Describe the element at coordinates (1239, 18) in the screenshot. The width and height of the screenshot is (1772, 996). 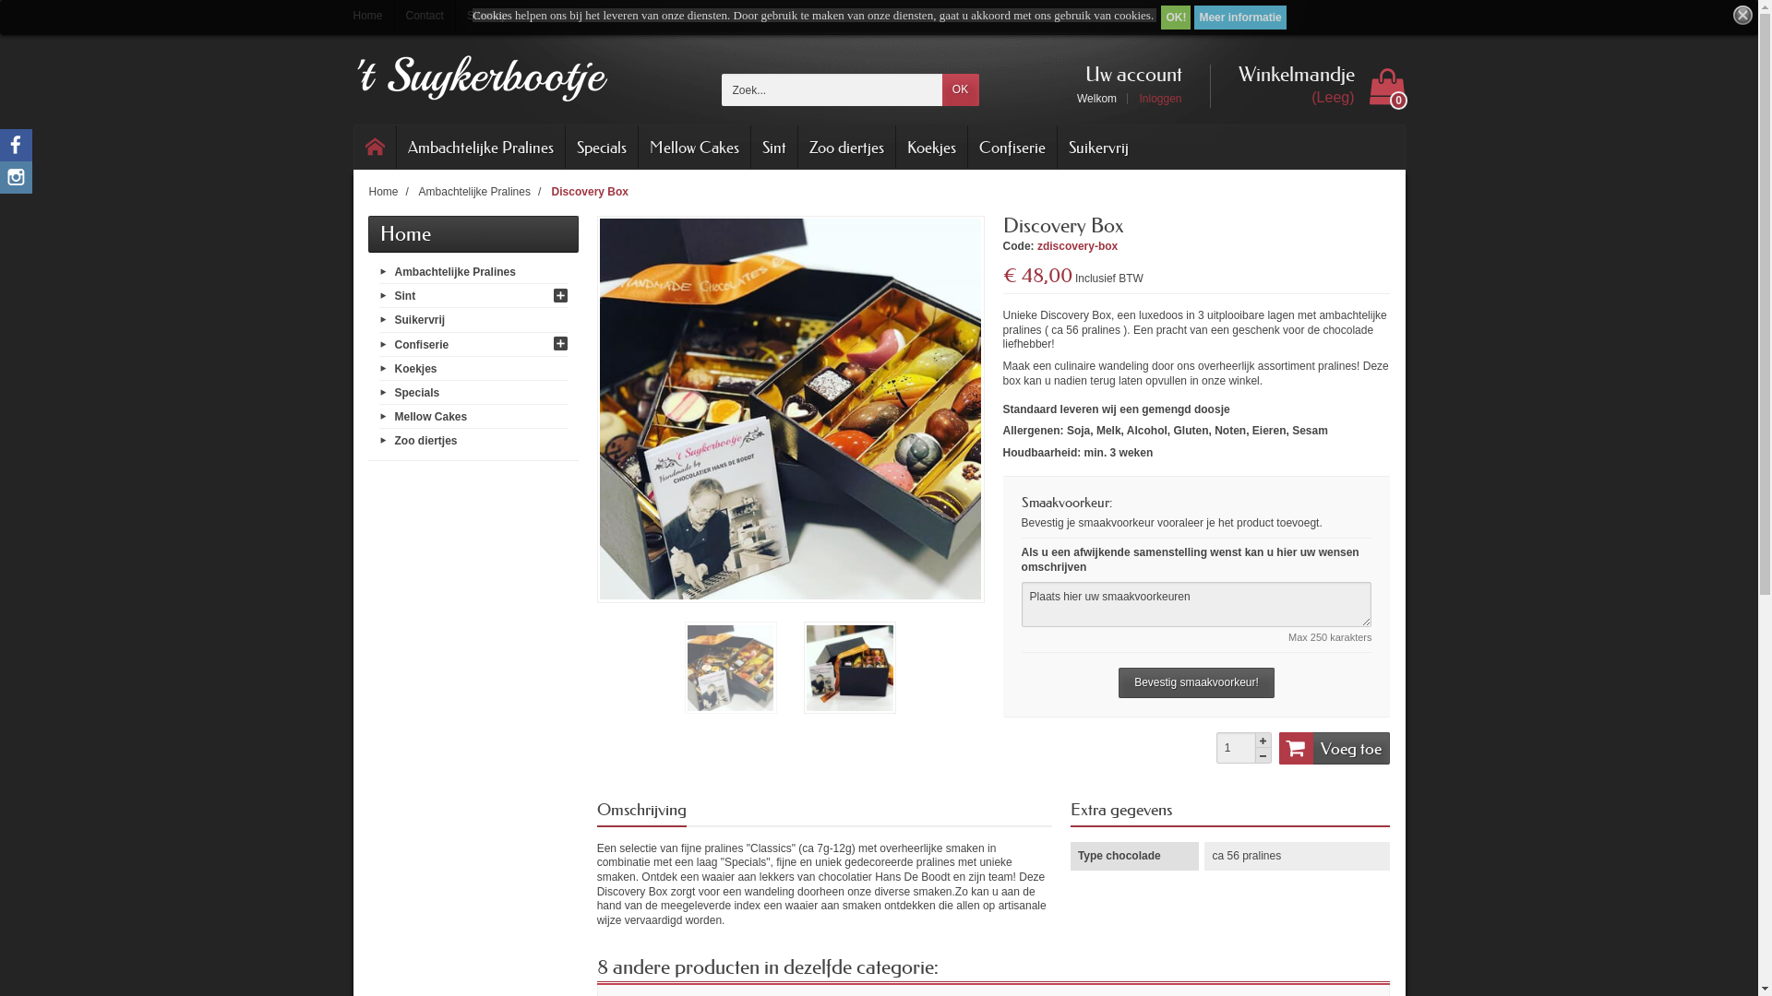
I see `'Meer informatie'` at that location.